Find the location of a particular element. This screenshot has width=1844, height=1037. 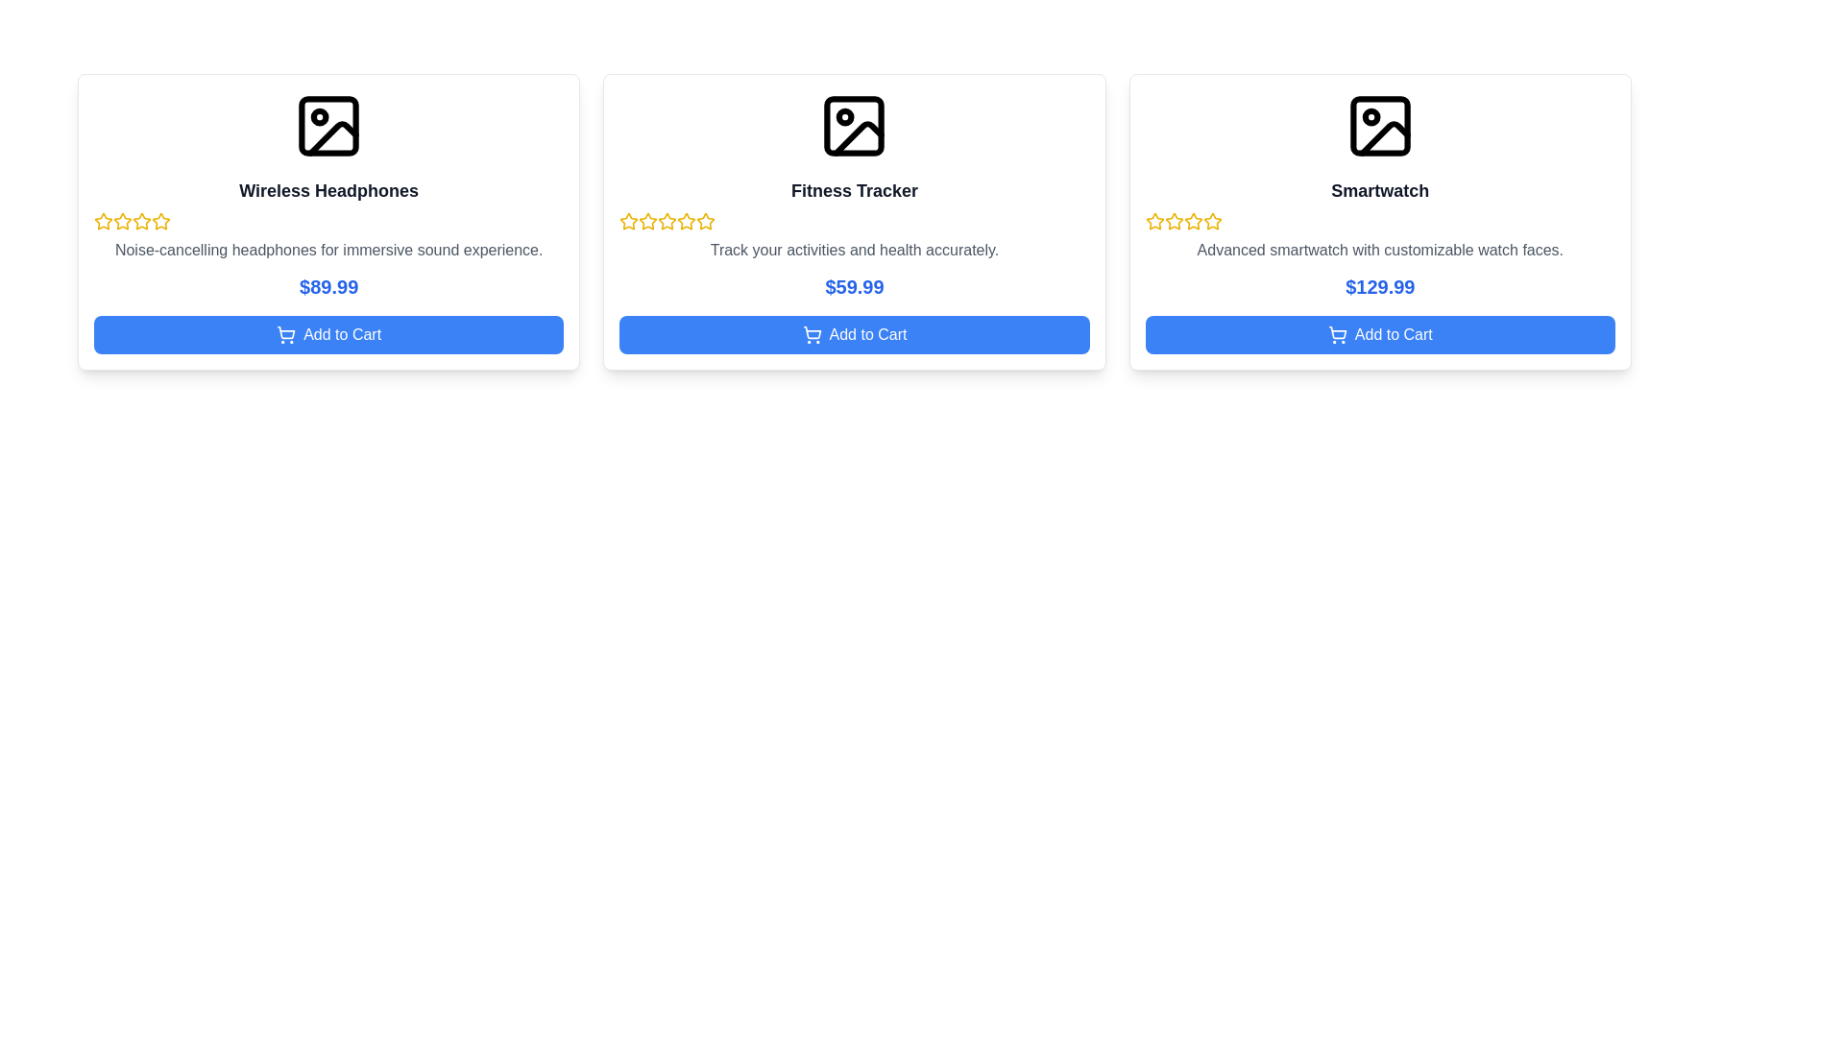

the descriptive text element that provides additional details about the 'Fitness Tracker' product, located below the product title and above the price text is located at coordinates (853, 250).